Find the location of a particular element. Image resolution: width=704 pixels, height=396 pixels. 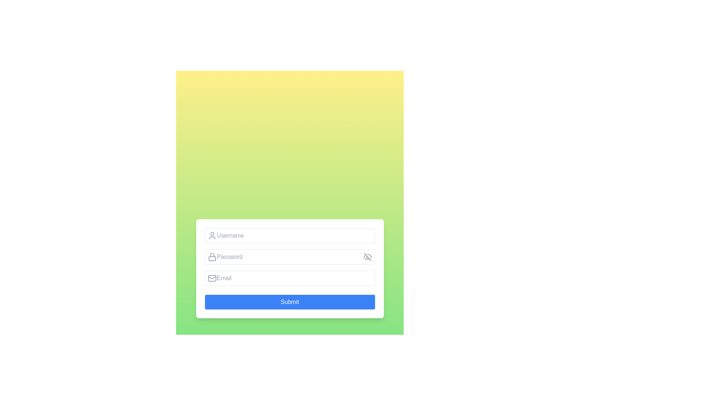

the password visibility toggle button located at the far-right end of the 'Password' input field to get more information is located at coordinates (367, 257).